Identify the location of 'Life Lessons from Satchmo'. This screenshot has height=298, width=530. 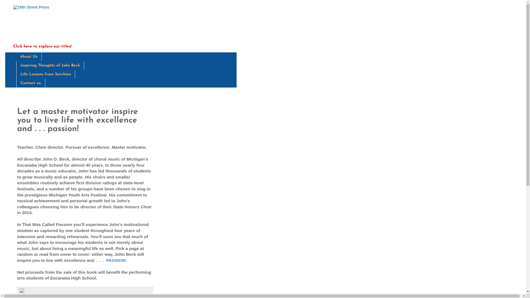
(46, 74).